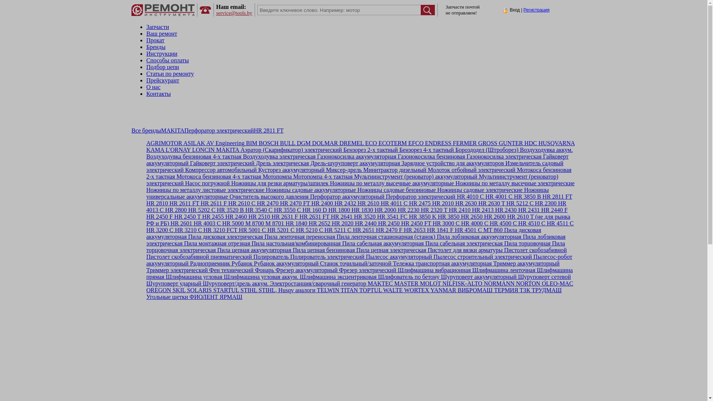  I want to click on 'AV Engineering', so click(224, 143).